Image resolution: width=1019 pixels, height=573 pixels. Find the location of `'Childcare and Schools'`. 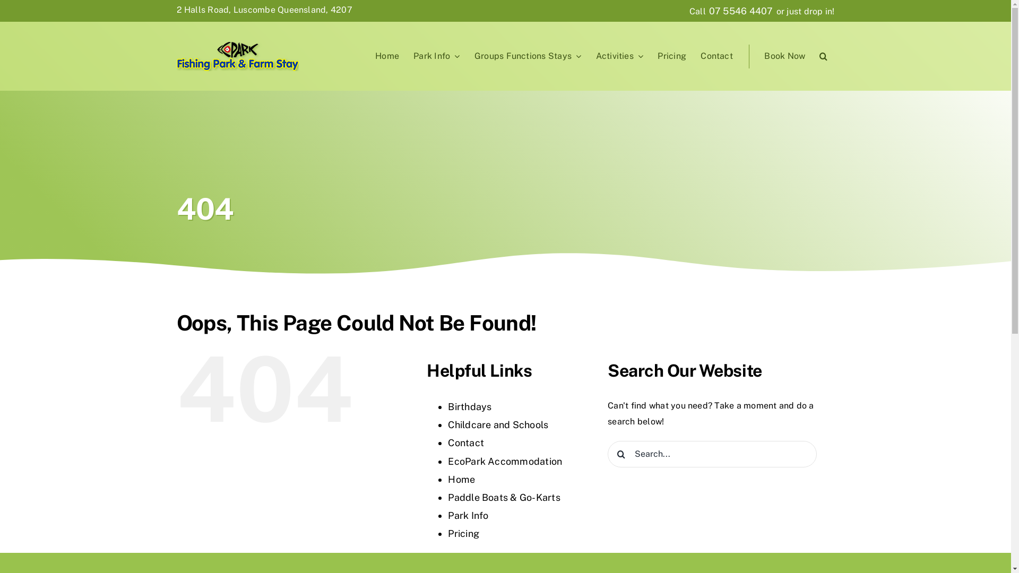

'Childcare and Schools' is located at coordinates (497, 424).